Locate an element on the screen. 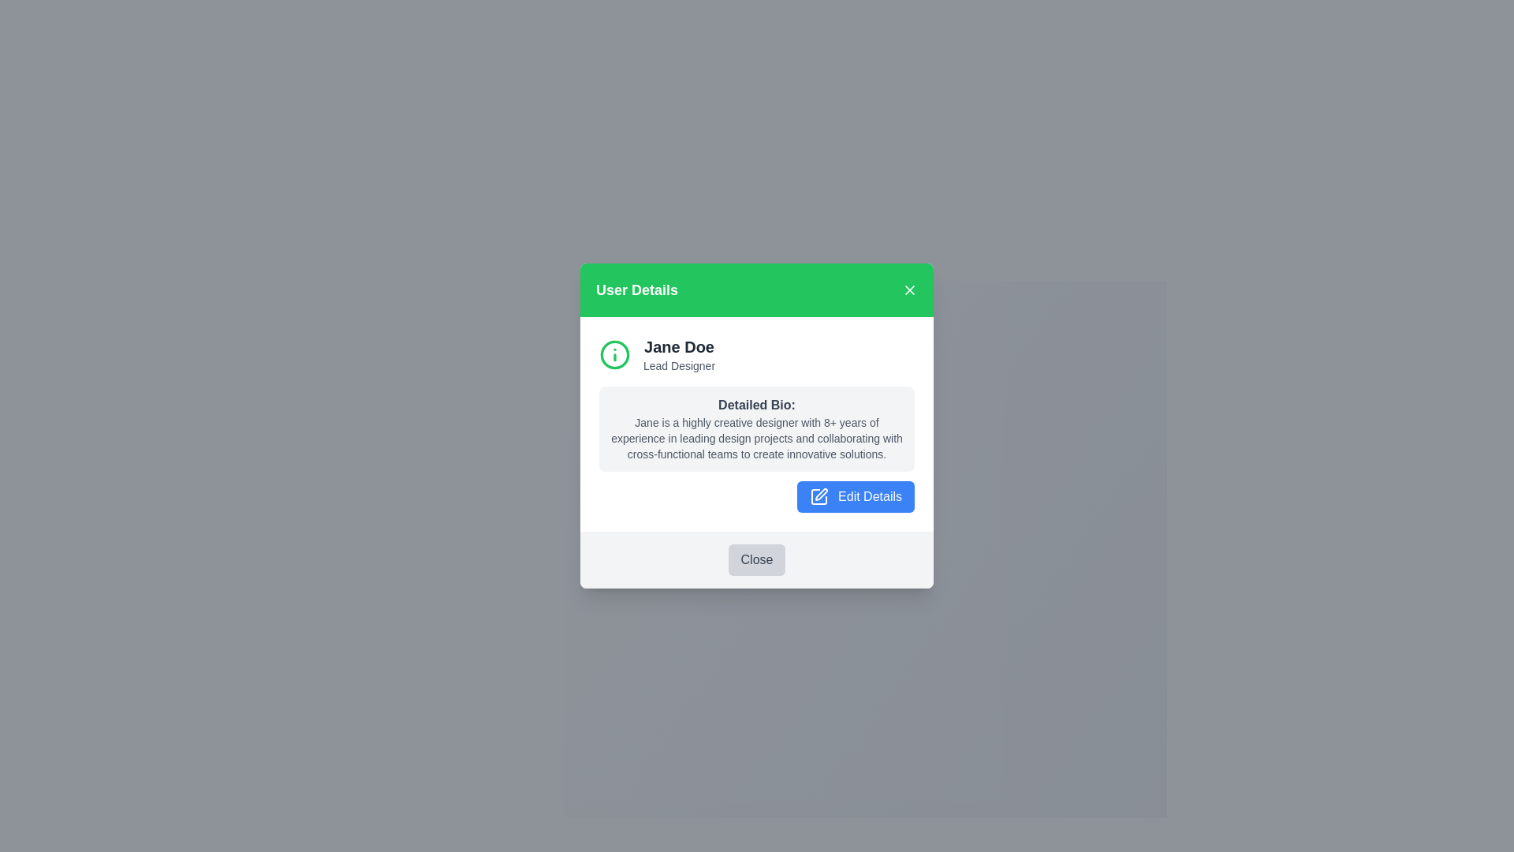 Image resolution: width=1514 pixels, height=852 pixels. the text label displaying 'Jane Doe', which is in a larger, bold font and located near the top of the modal dialog, positioned to the right of an icon is located at coordinates (679, 346).